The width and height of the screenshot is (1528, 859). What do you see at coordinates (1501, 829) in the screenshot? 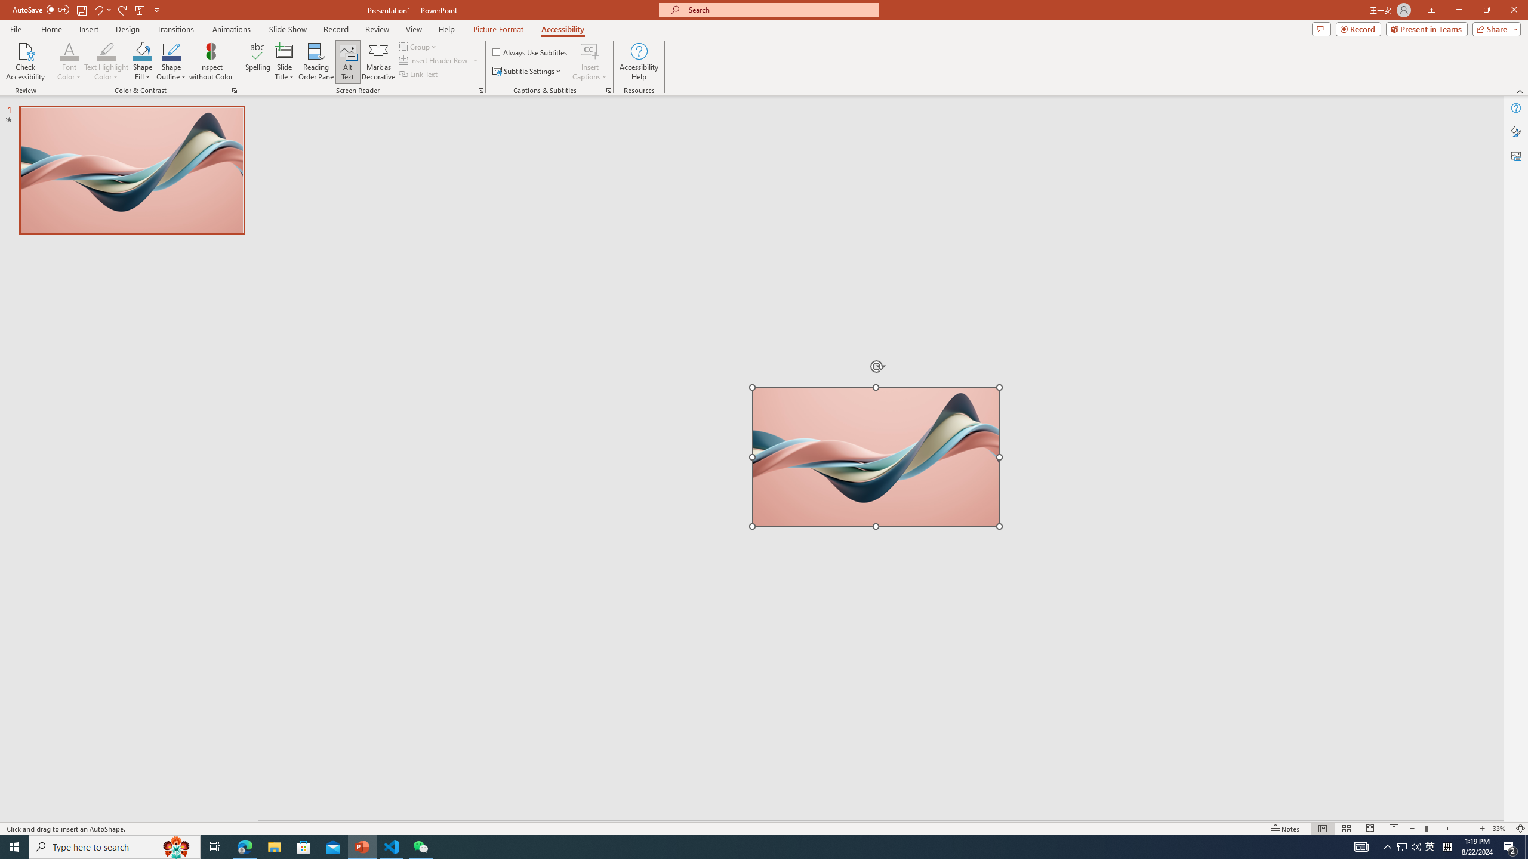
I see `'Zoom 33%'` at bounding box center [1501, 829].